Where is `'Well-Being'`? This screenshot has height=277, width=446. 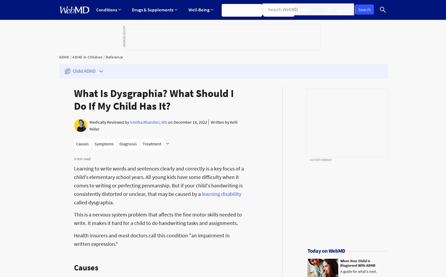
'Well-Being' is located at coordinates (197, 9).